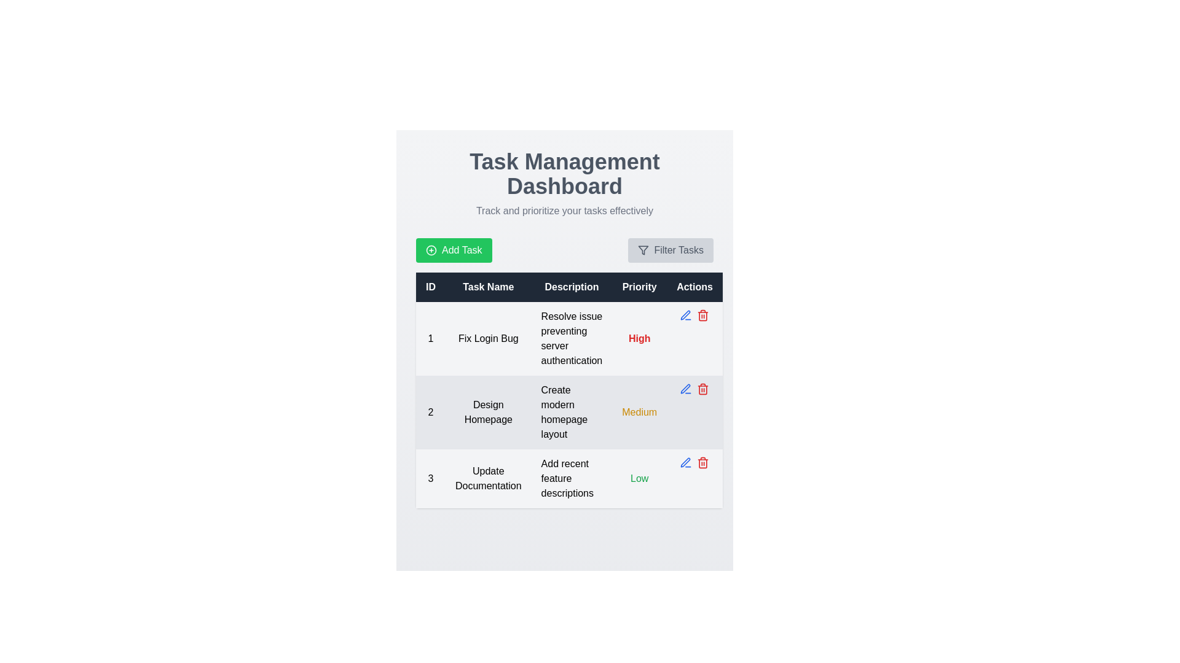 The height and width of the screenshot is (663, 1180). I want to click on the 'Description' text label, which is the third column label in the table header, styled in bold white text on a dark background, so click(571, 287).